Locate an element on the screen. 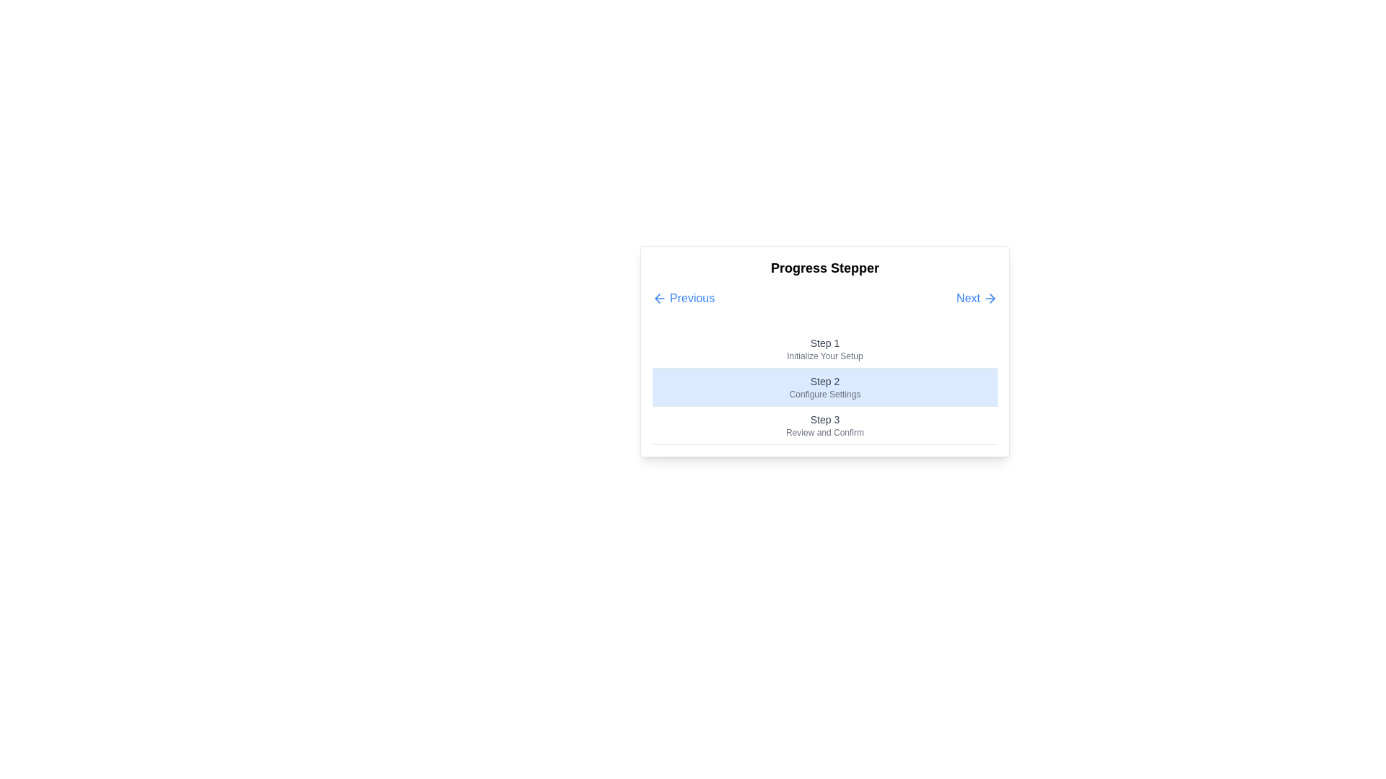 This screenshot has height=779, width=1386. the 'Step 1' text label, which indicates the first step in a multi-step process, located at the top of the interface is located at coordinates (824, 343).